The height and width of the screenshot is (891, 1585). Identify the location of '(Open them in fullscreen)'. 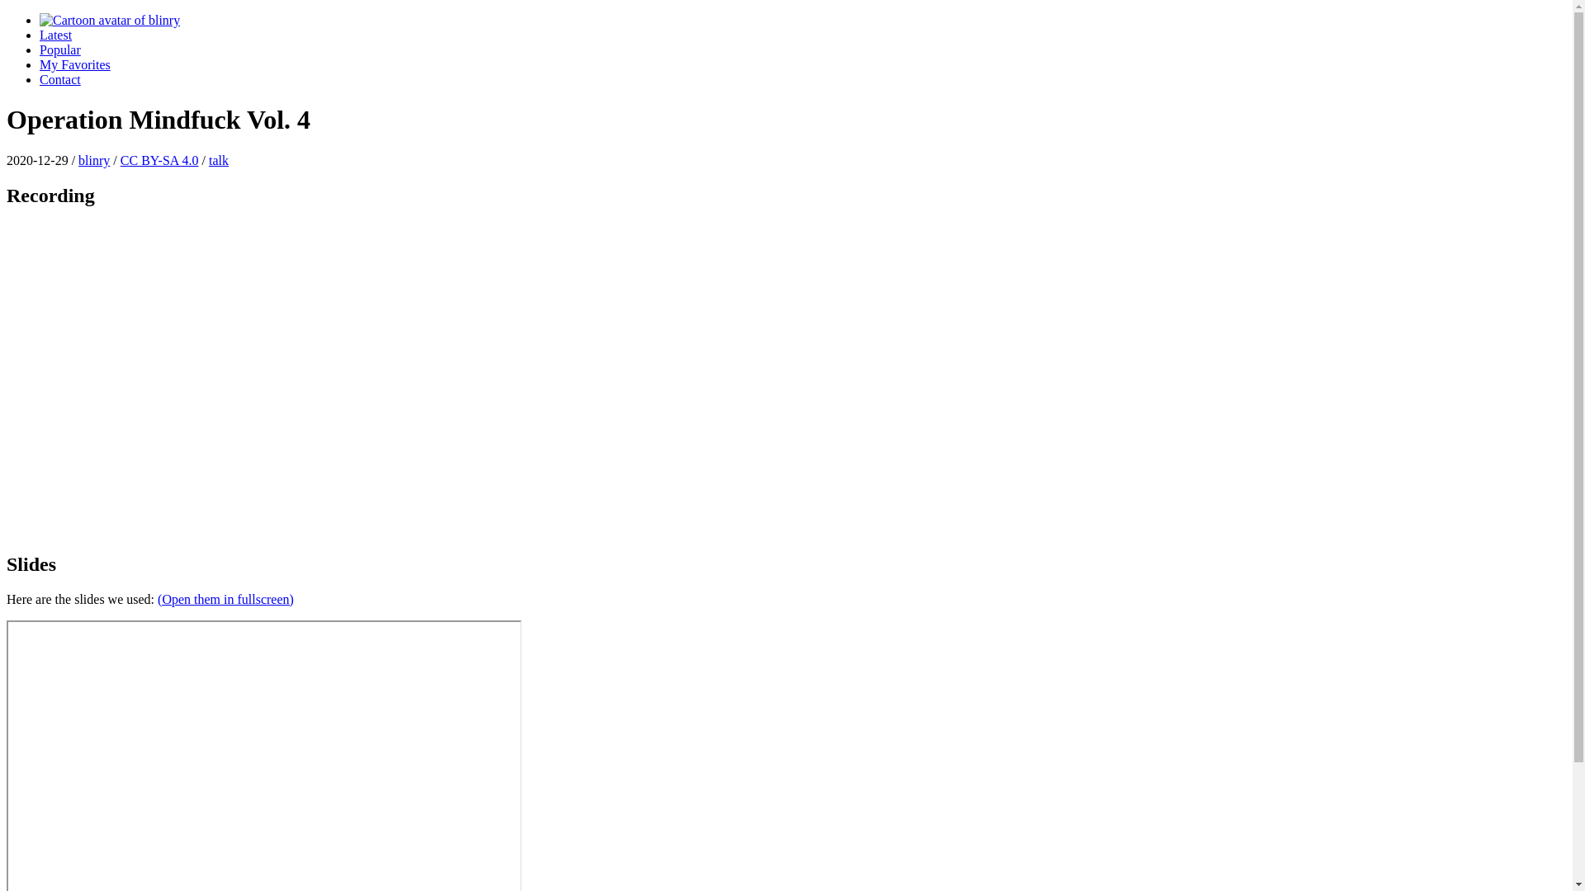
(225, 599).